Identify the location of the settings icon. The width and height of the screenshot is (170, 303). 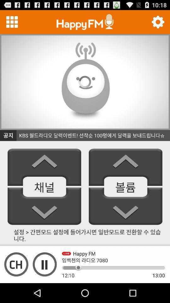
(157, 23).